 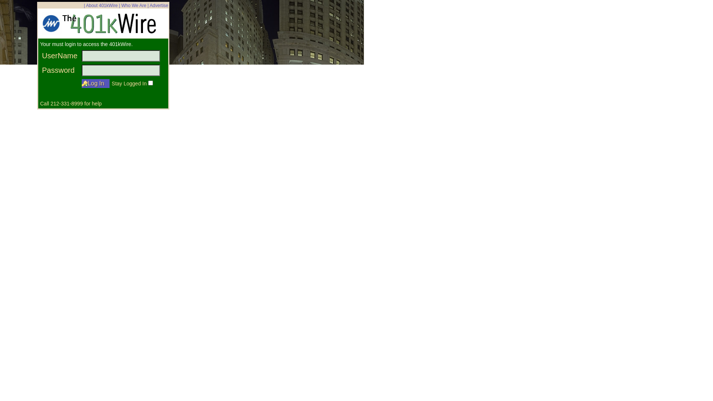 What do you see at coordinates (101, 6) in the screenshot?
I see `'About 401kWire'` at bounding box center [101, 6].